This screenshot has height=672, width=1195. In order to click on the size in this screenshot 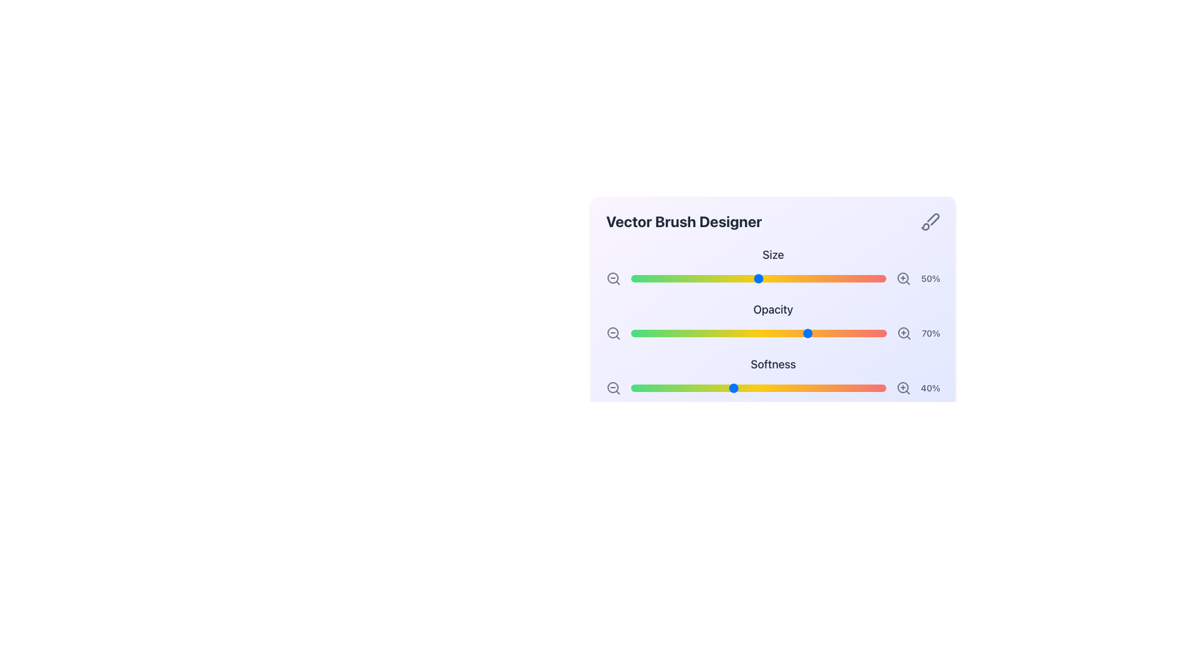, I will do `click(804, 278)`.